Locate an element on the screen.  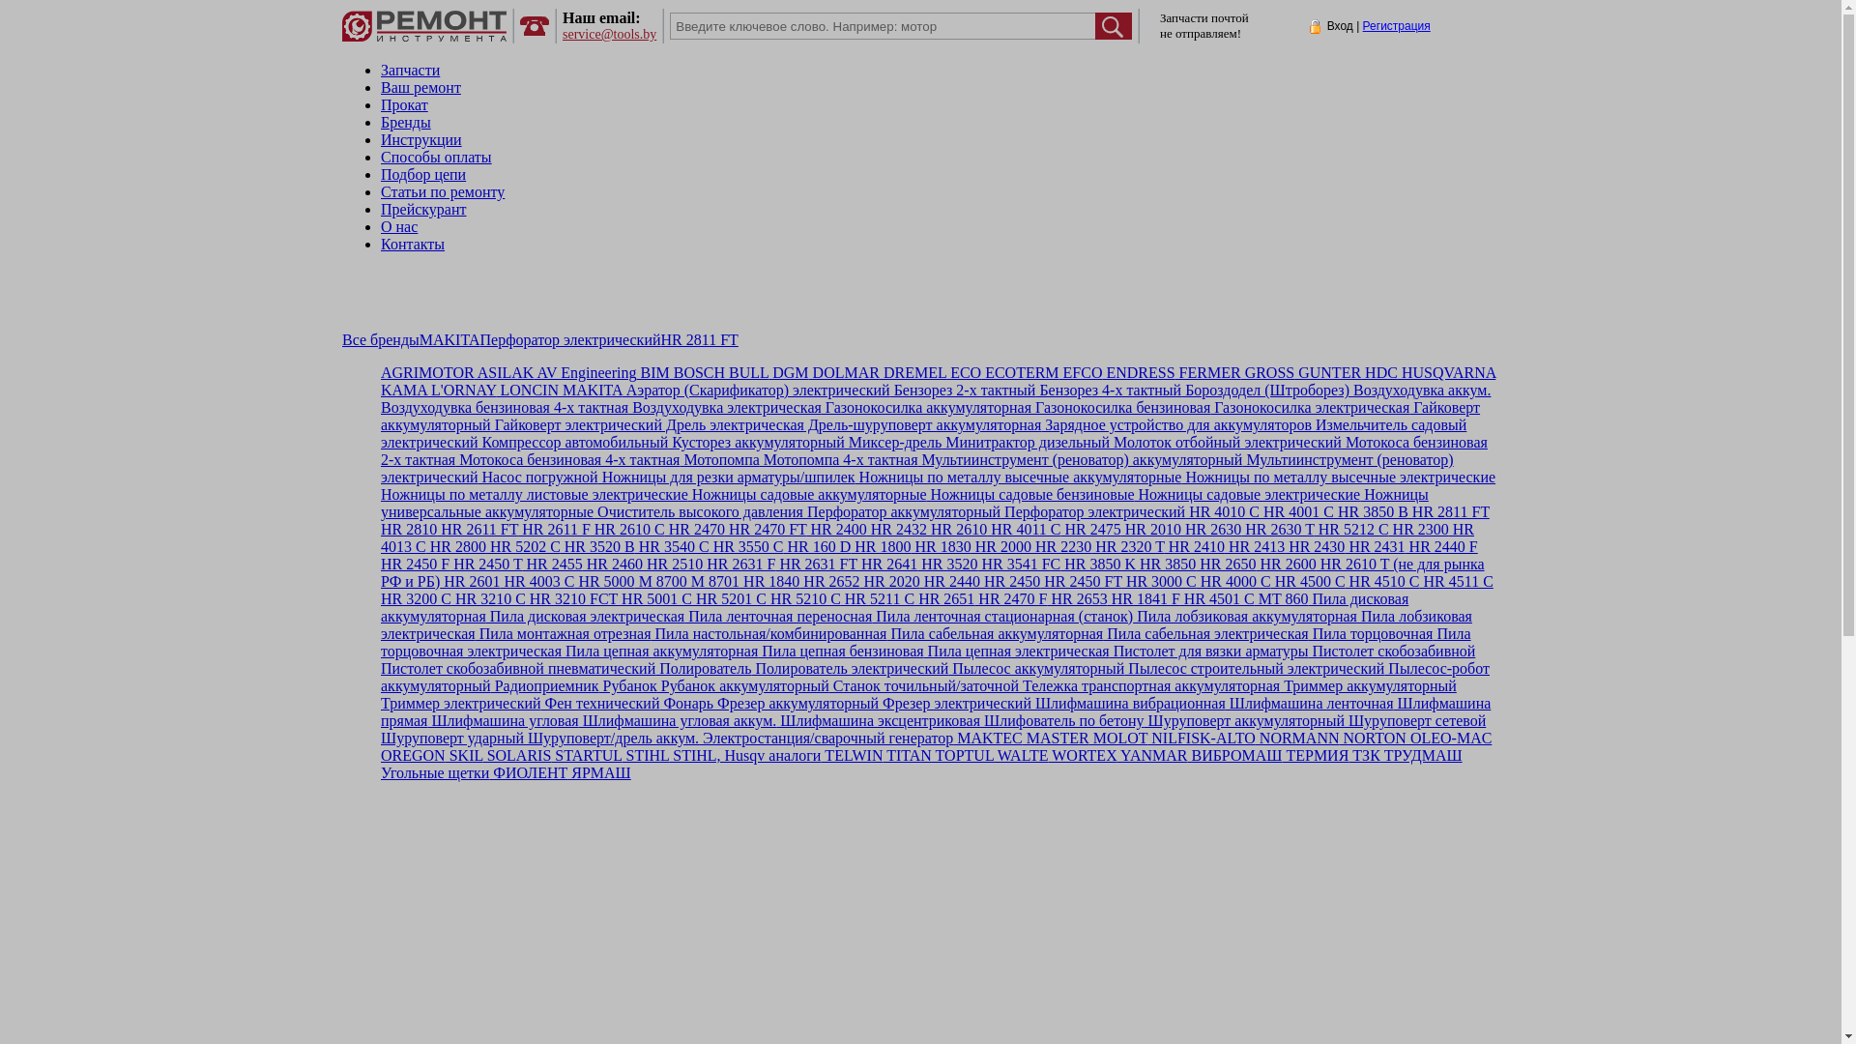
'HR 3000 C' is located at coordinates (1159, 580).